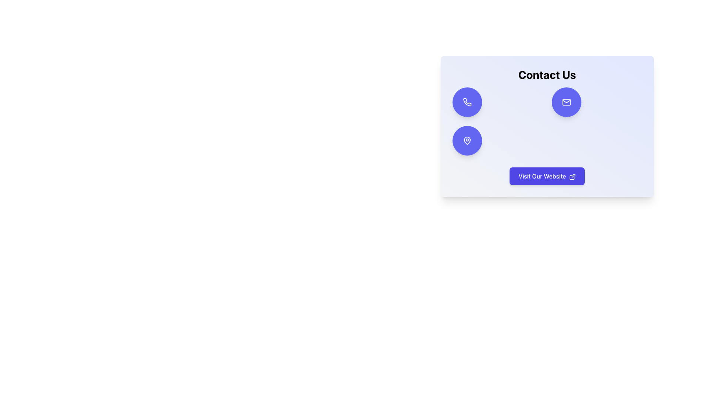 The image size is (711, 400). What do you see at coordinates (467, 102) in the screenshot?
I see `the topmost phone-related icon in the 'Contact Us' section` at bounding box center [467, 102].